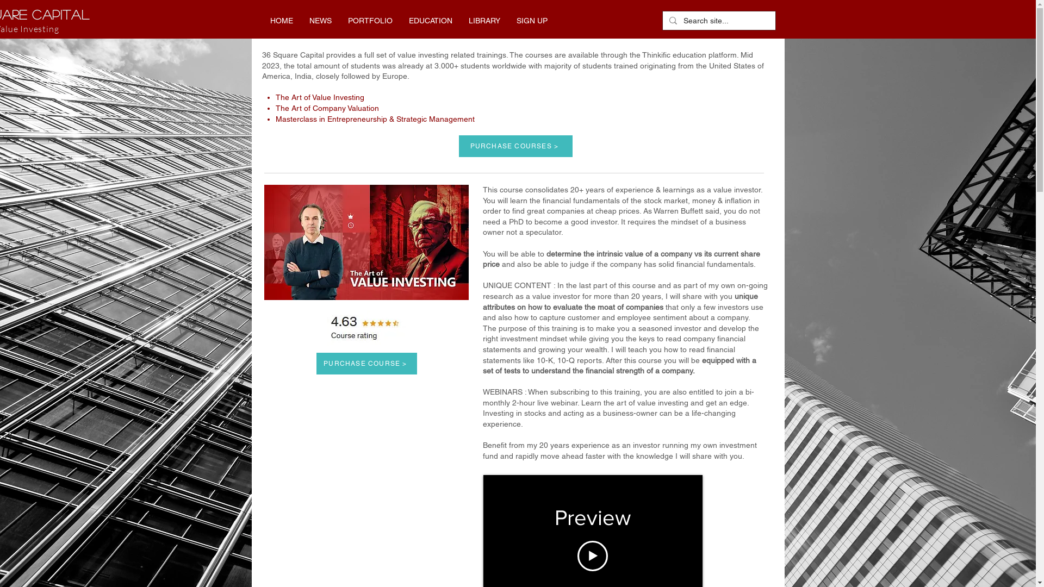 Image resolution: width=1044 pixels, height=587 pixels. Describe the element at coordinates (655, 54) in the screenshot. I see `'Thinkific'` at that location.